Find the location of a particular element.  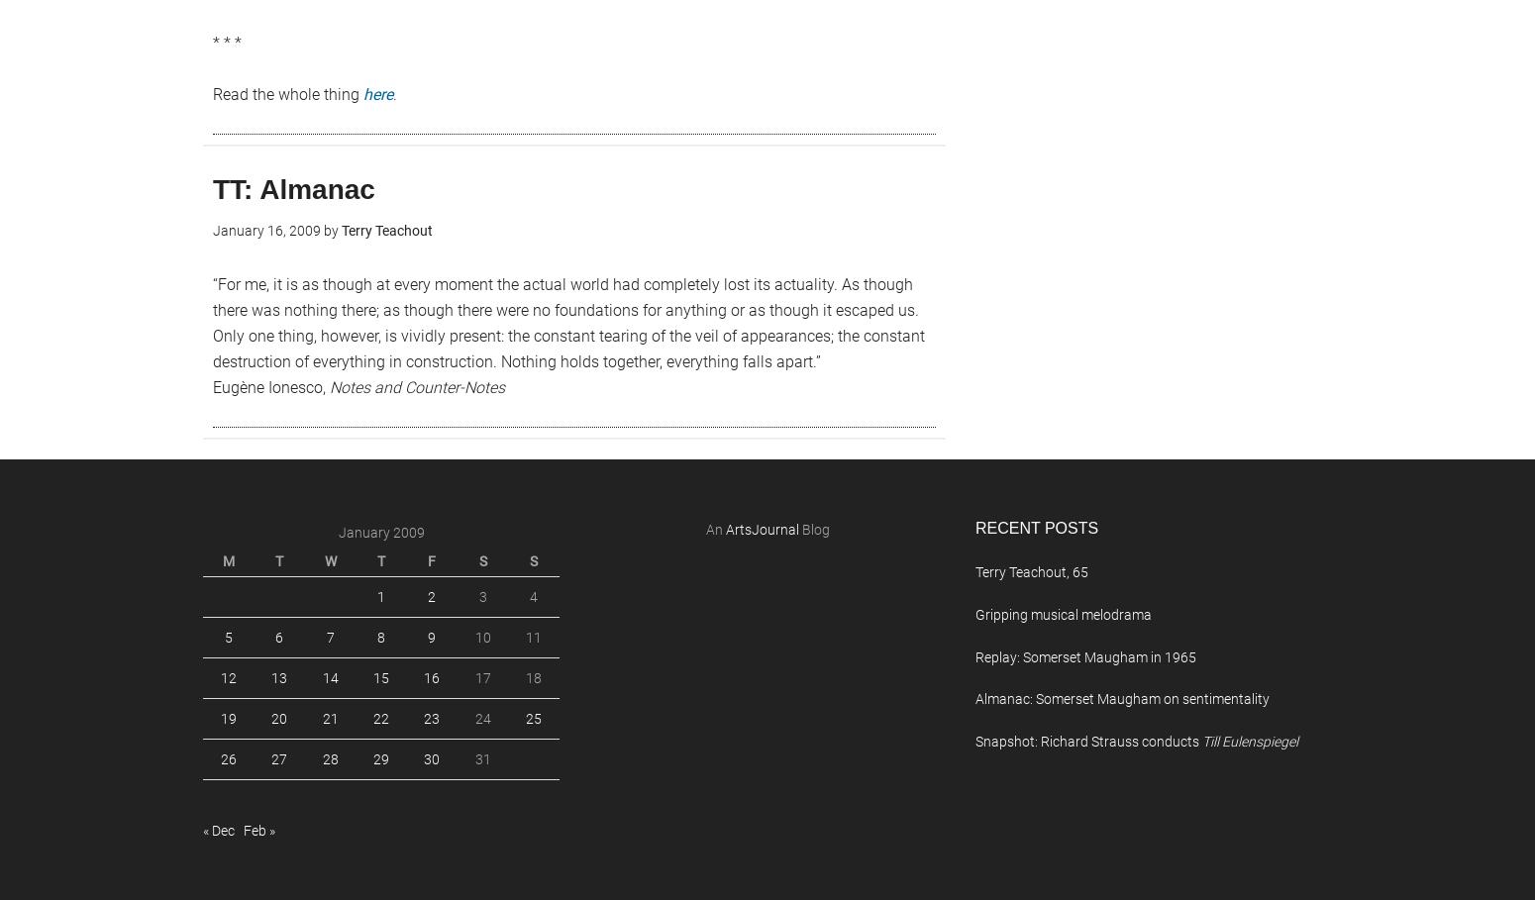

'21' is located at coordinates (328, 718).